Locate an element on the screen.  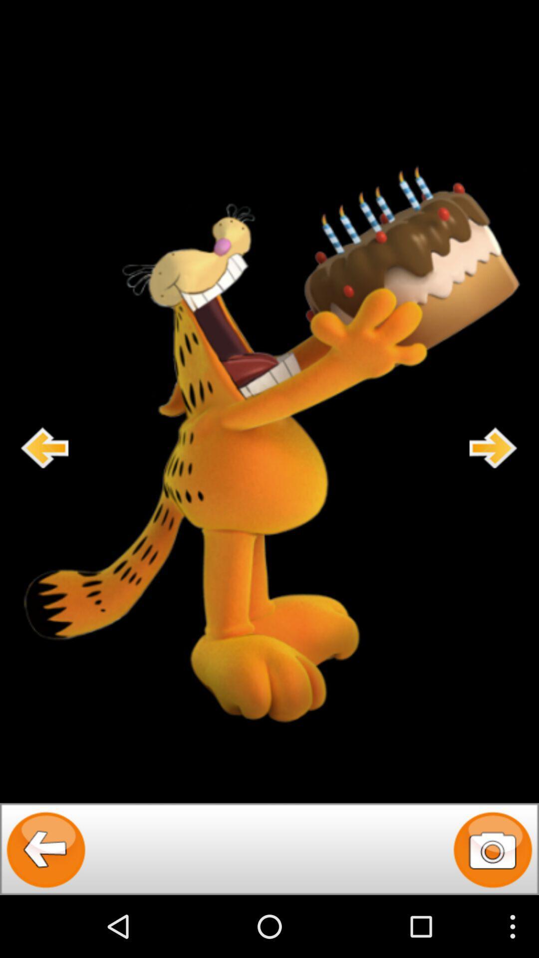
the arrow_forward icon is located at coordinates (493, 479).